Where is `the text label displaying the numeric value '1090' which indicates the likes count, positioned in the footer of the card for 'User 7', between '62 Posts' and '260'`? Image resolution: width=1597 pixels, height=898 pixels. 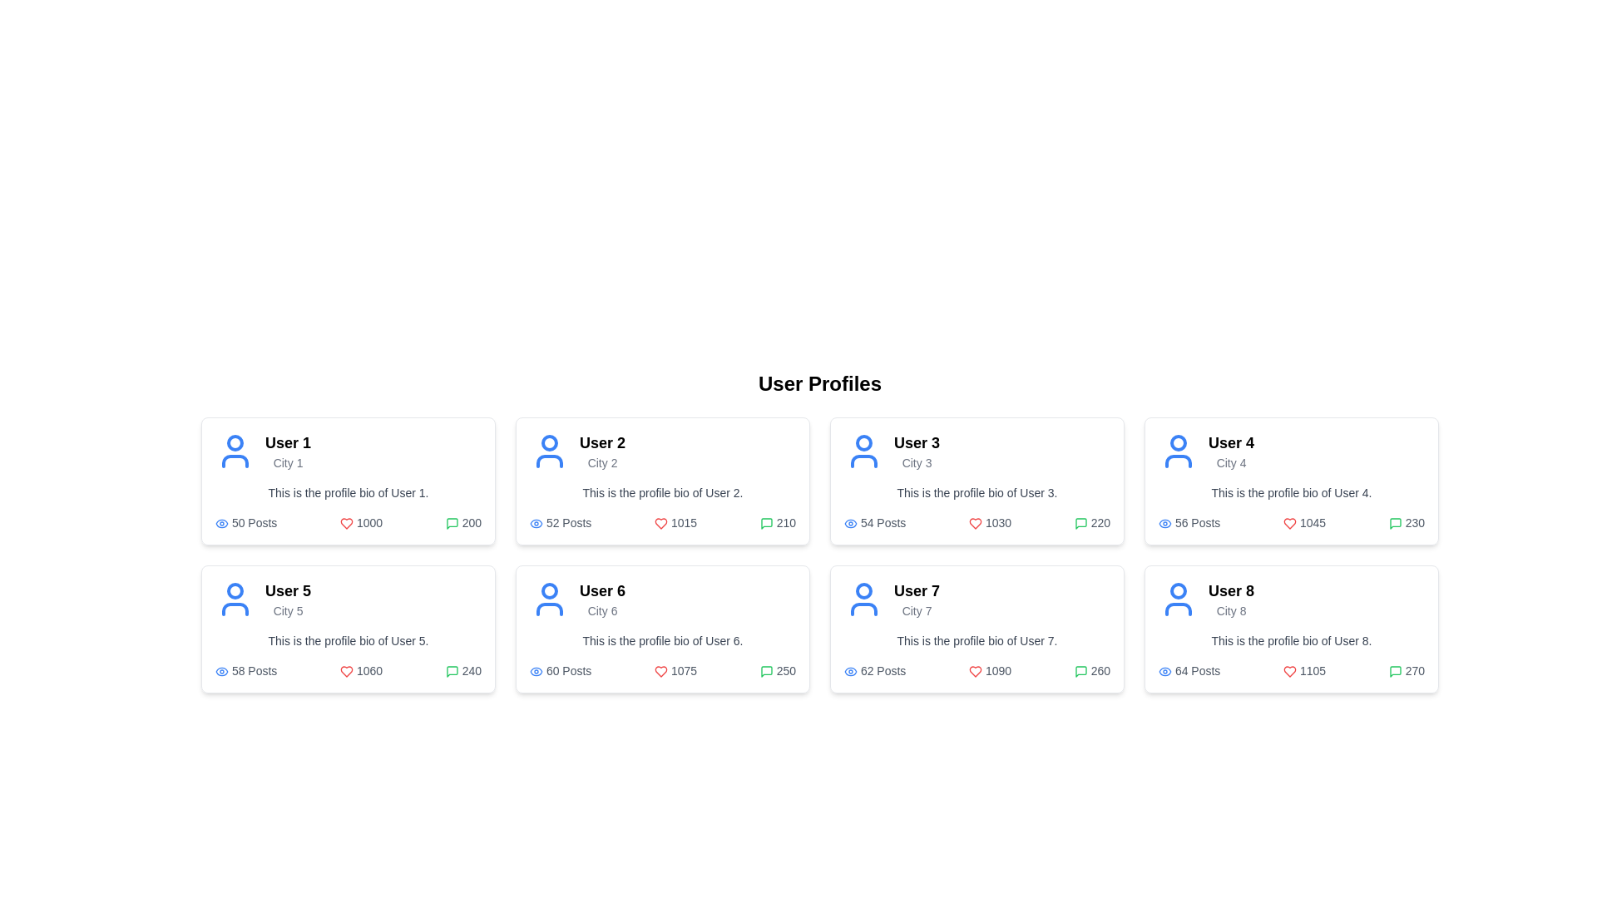
the text label displaying the numeric value '1090' which indicates the likes count, positioned in the footer of the card for 'User 7', between '62 Posts' and '260' is located at coordinates (990, 669).